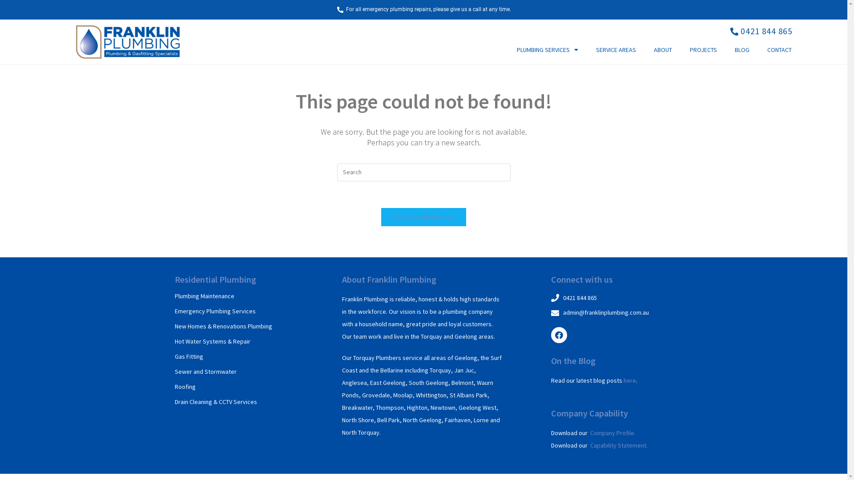 The width and height of the screenshot is (854, 480). Describe the element at coordinates (616, 49) in the screenshot. I see `'SERVICE AREAS'` at that location.